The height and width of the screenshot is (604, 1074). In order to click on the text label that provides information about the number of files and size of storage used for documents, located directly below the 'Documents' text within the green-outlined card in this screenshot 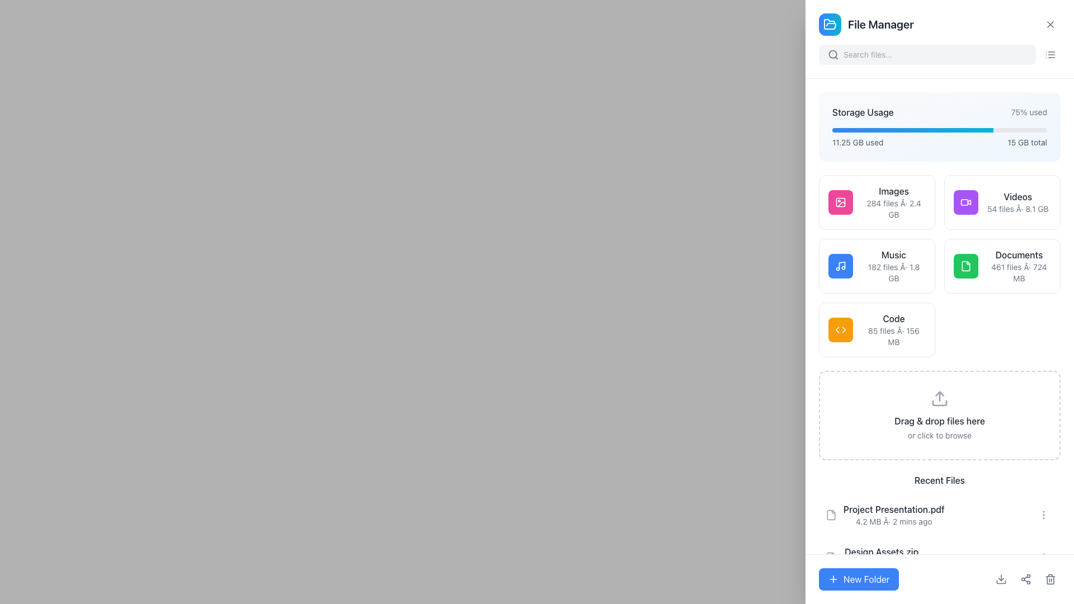, I will do `click(1019, 273)`.